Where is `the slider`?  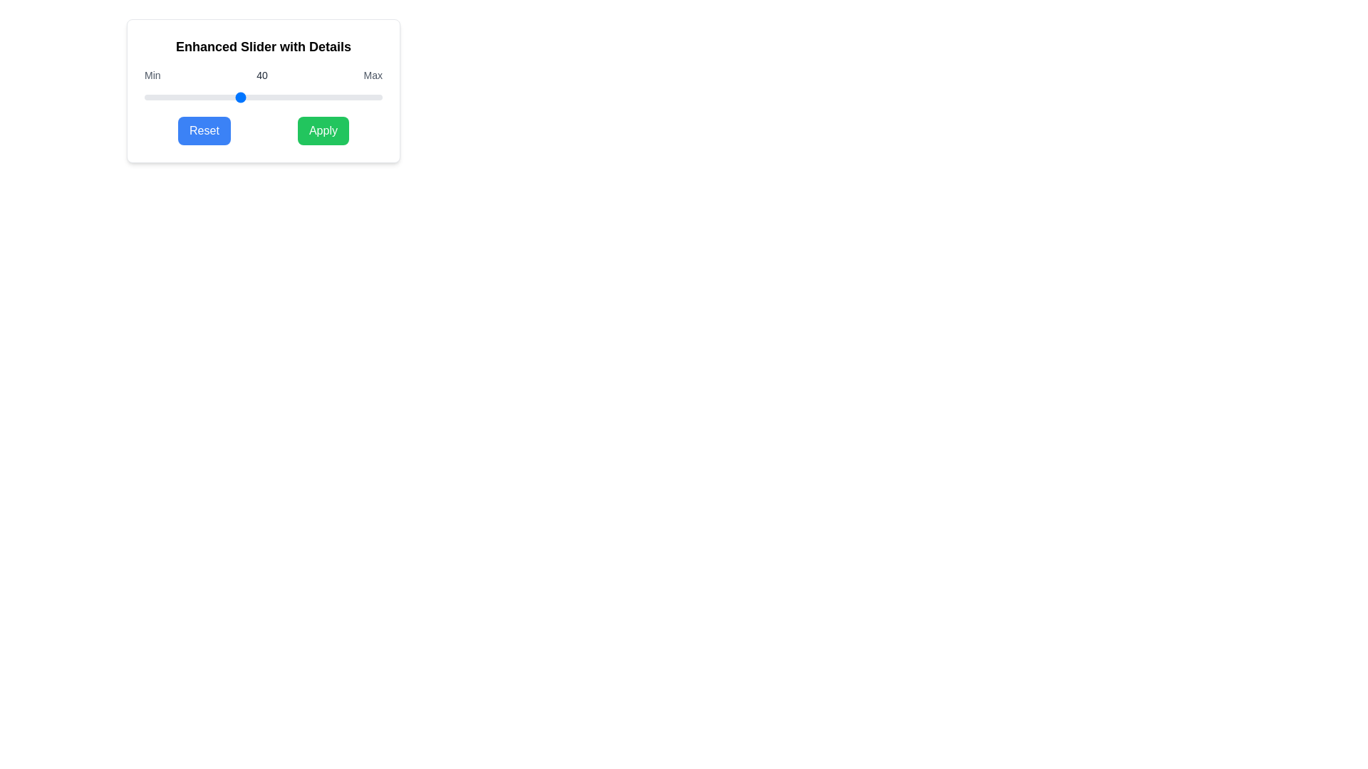
the slider is located at coordinates (375, 97).